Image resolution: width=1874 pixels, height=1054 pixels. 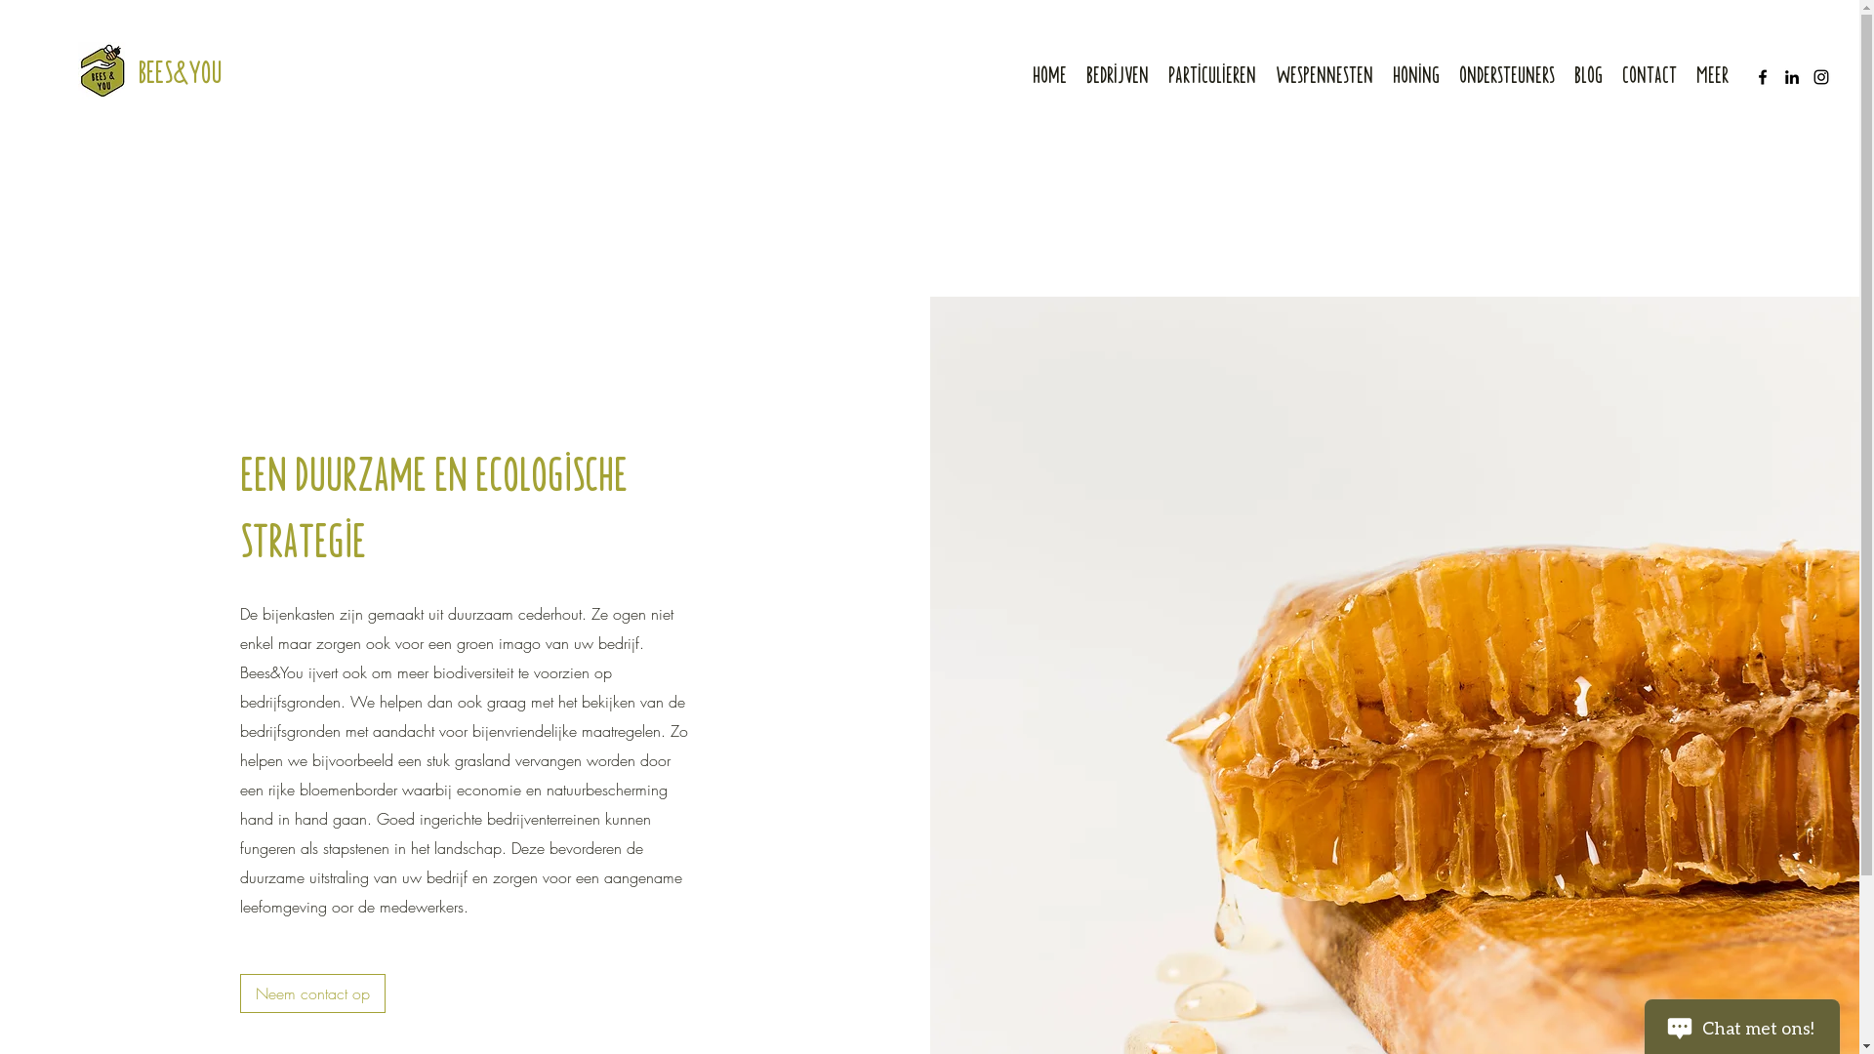 What do you see at coordinates (1415, 72) in the screenshot?
I see `'Honing'` at bounding box center [1415, 72].